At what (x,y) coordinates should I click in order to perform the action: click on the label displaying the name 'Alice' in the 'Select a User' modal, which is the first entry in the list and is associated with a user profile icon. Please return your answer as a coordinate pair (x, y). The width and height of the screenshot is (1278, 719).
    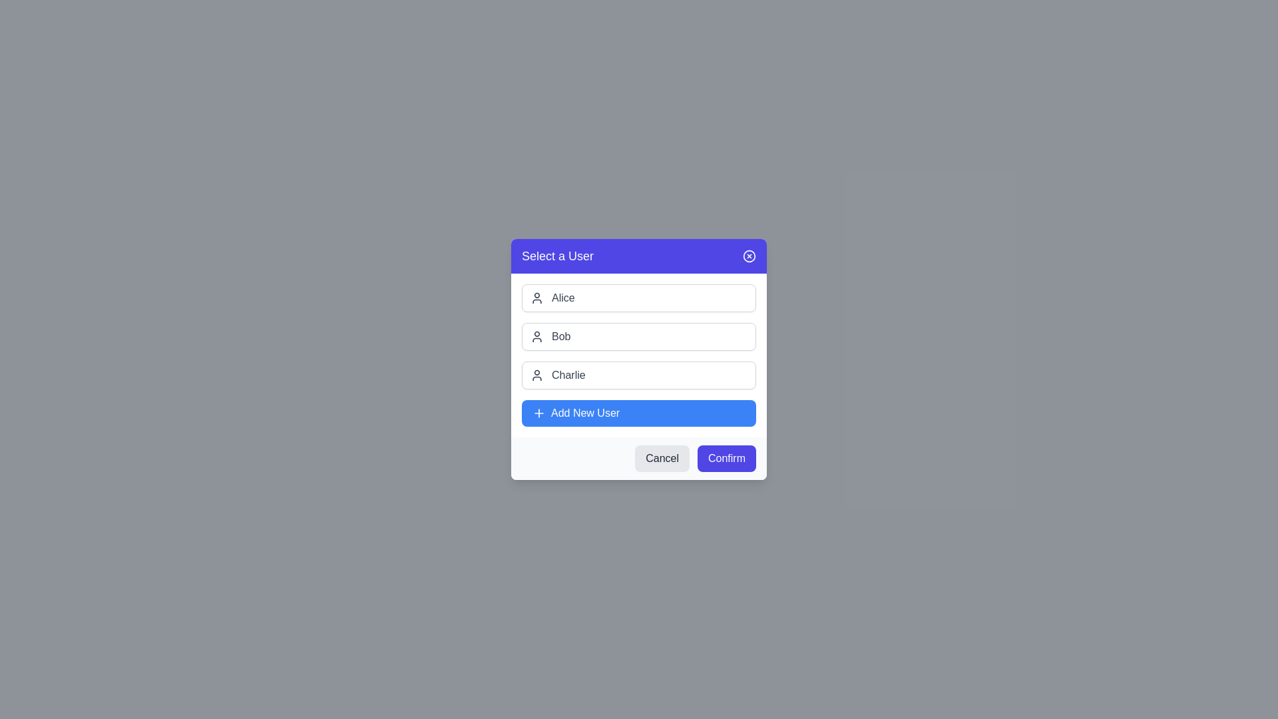
    Looking at the image, I should click on (563, 297).